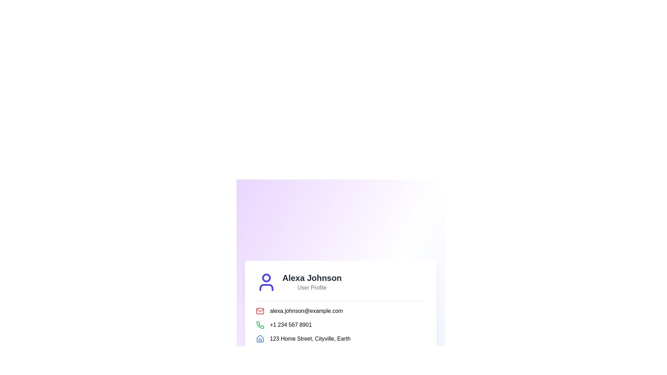  Describe the element at coordinates (340, 325) in the screenshot. I see `phone number displayed as the second element in a vertically-arranged list of contact details, located between an email and an address` at that location.